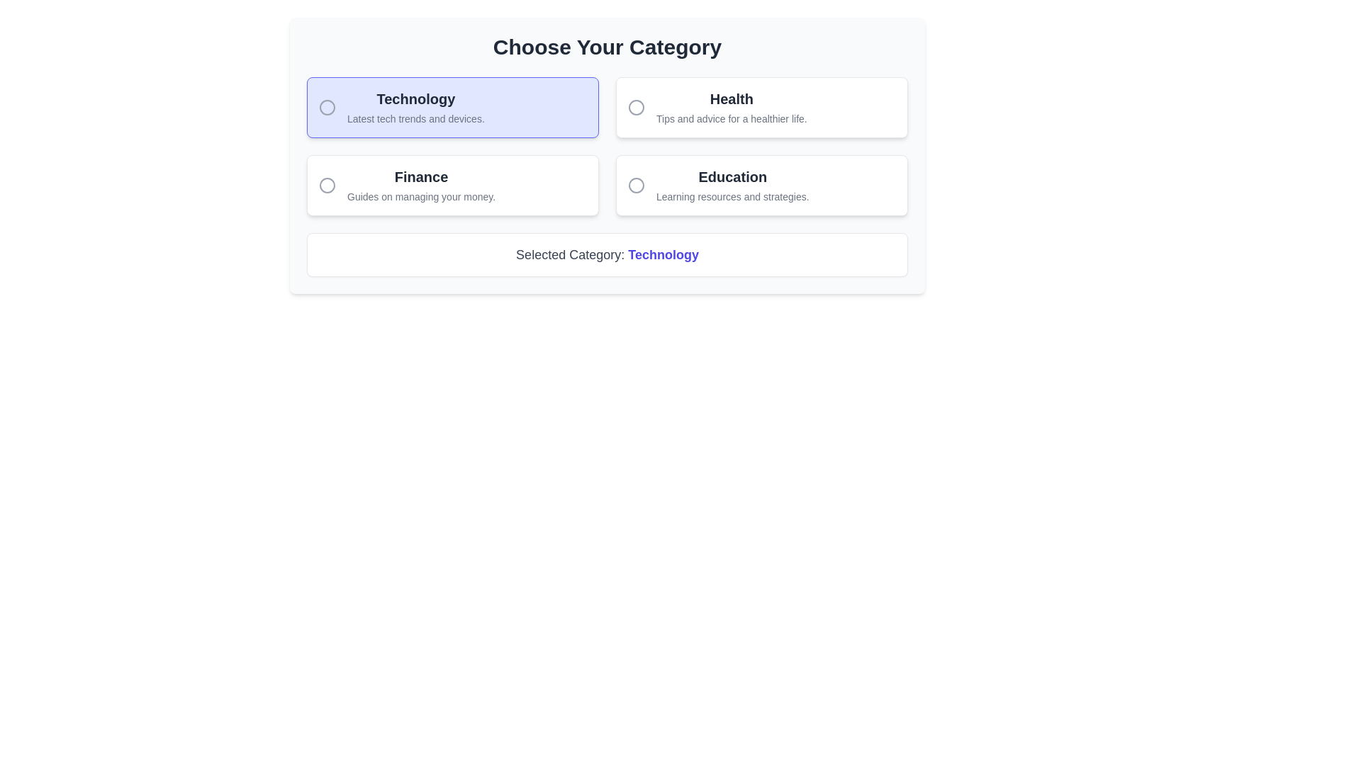  Describe the element at coordinates (732, 196) in the screenshot. I see `the text block displaying 'Learning resources and strategies.' which is styled in a small gray font and positioned below the 'Education' title` at that location.